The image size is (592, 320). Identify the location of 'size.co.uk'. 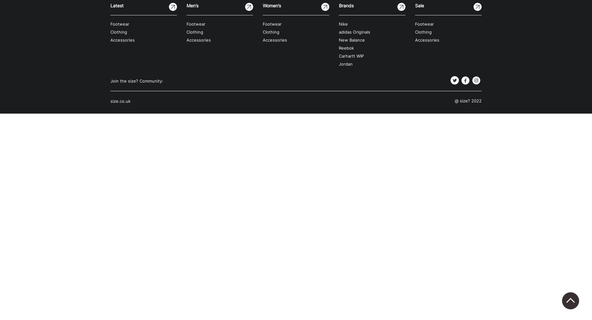
(120, 101).